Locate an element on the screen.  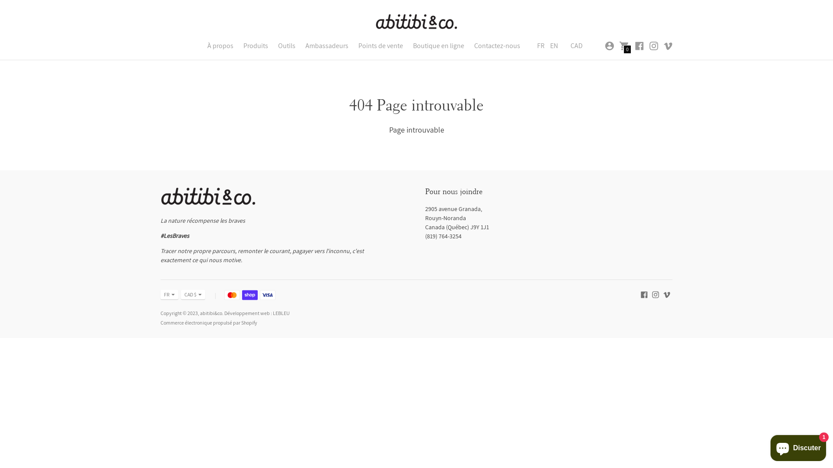
'Contactez-nous' is located at coordinates (497, 45).